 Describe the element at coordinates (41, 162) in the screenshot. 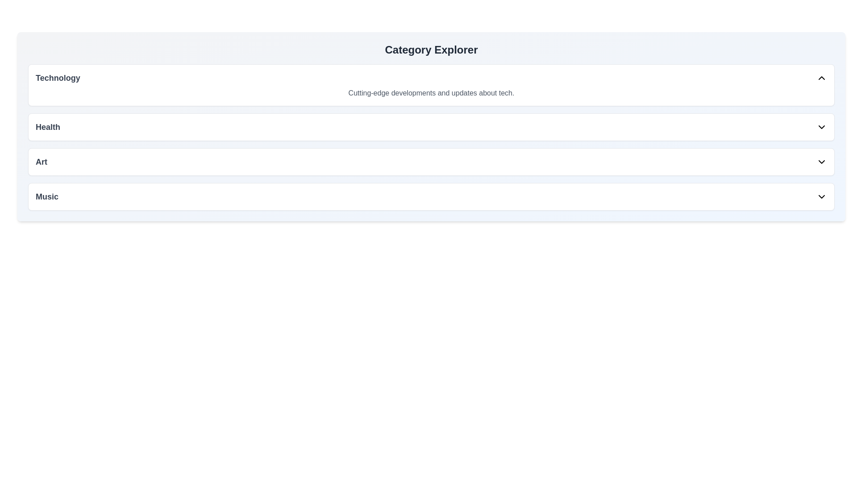

I see `the title of the category Art to view its details` at that location.